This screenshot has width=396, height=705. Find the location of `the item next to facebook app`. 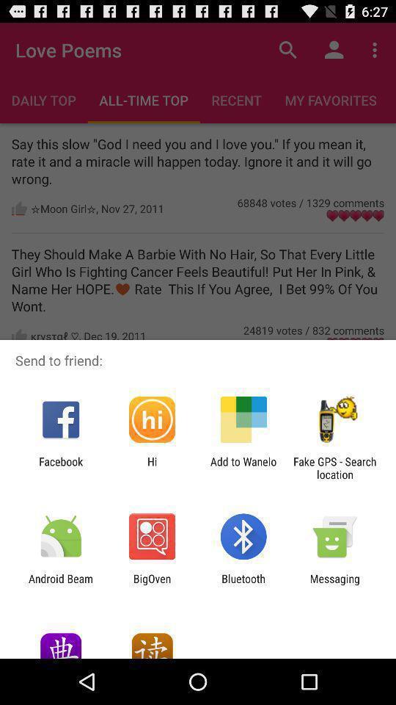

the item next to facebook app is located at coordinates (151, 467).